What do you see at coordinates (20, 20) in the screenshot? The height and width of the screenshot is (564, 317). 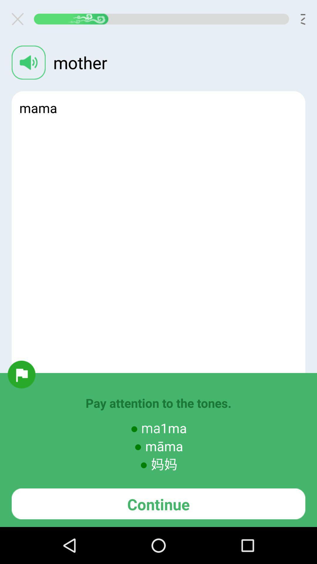 I see `the close icon` at bounding box center [20, 20].